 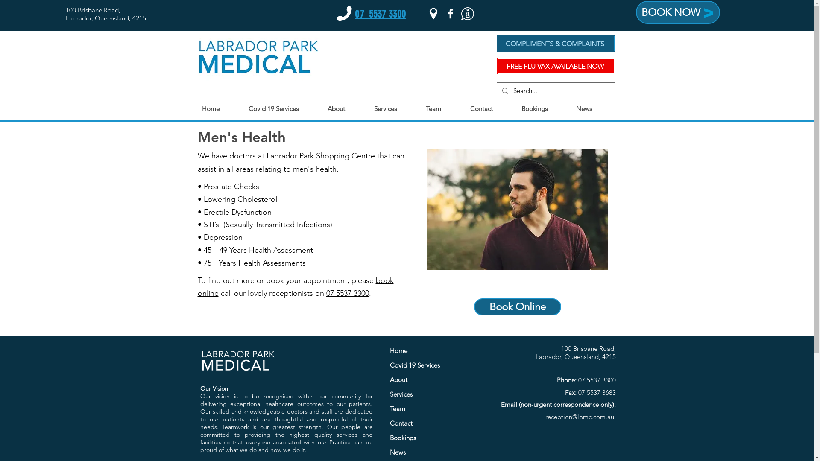 I want to click on 'Contact', so click(x=431, y=423).